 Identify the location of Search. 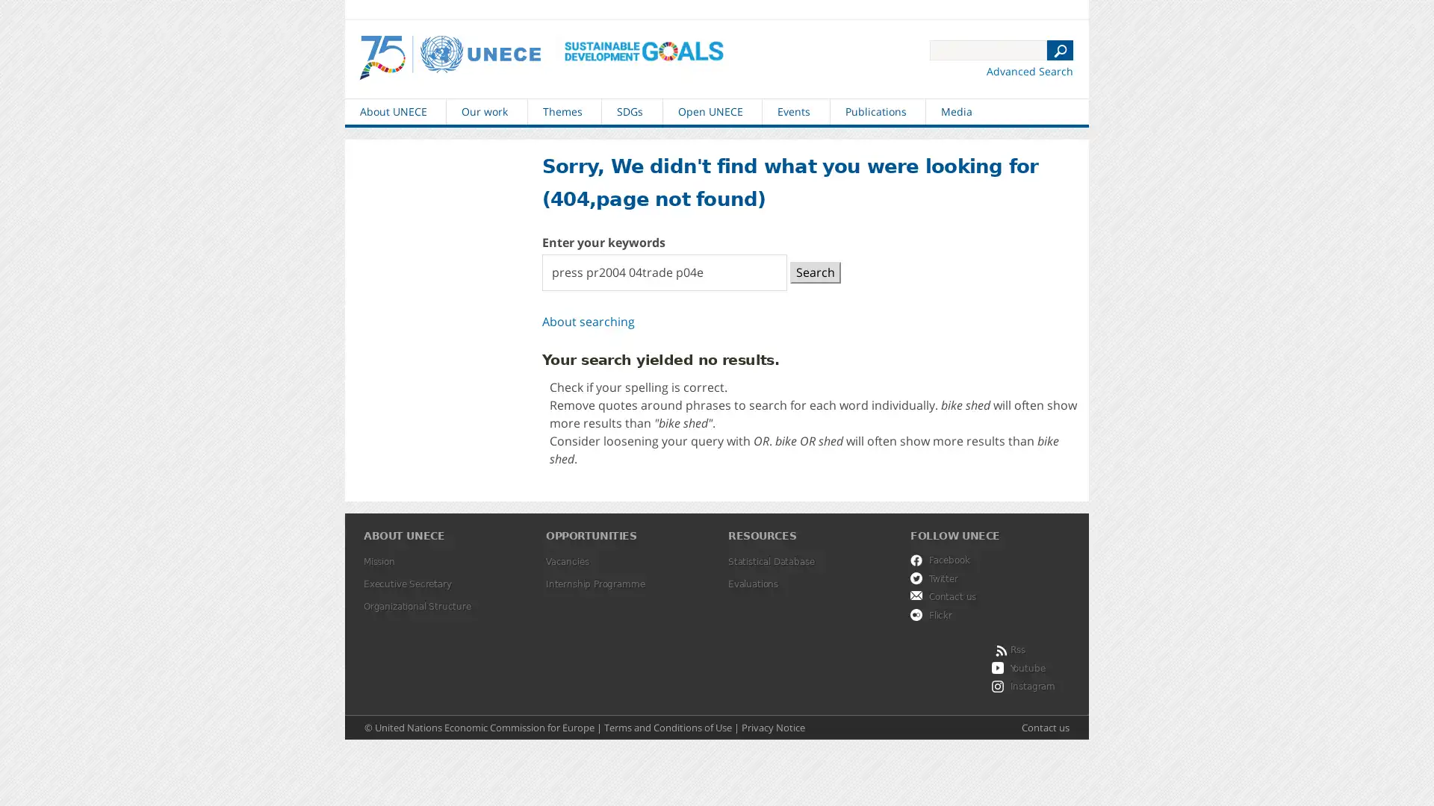
(814, 272).